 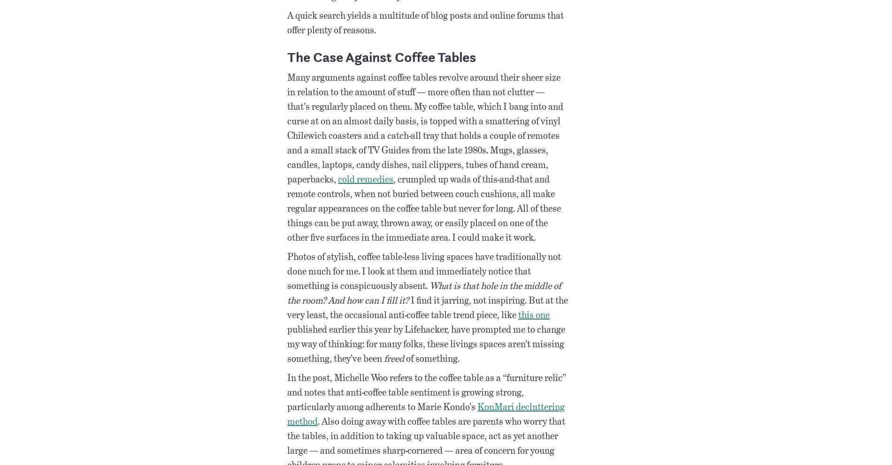 What do you see at coordinates (426, 392) in the screenshot?
I see `'In the post, Michelle Woo refers to the coffee table as a “furniture relic” and notes that anti-coffee table sentiment is growing strong, particularly among adherents to Marie Kondo’s'` at bounding box center [426, 392].